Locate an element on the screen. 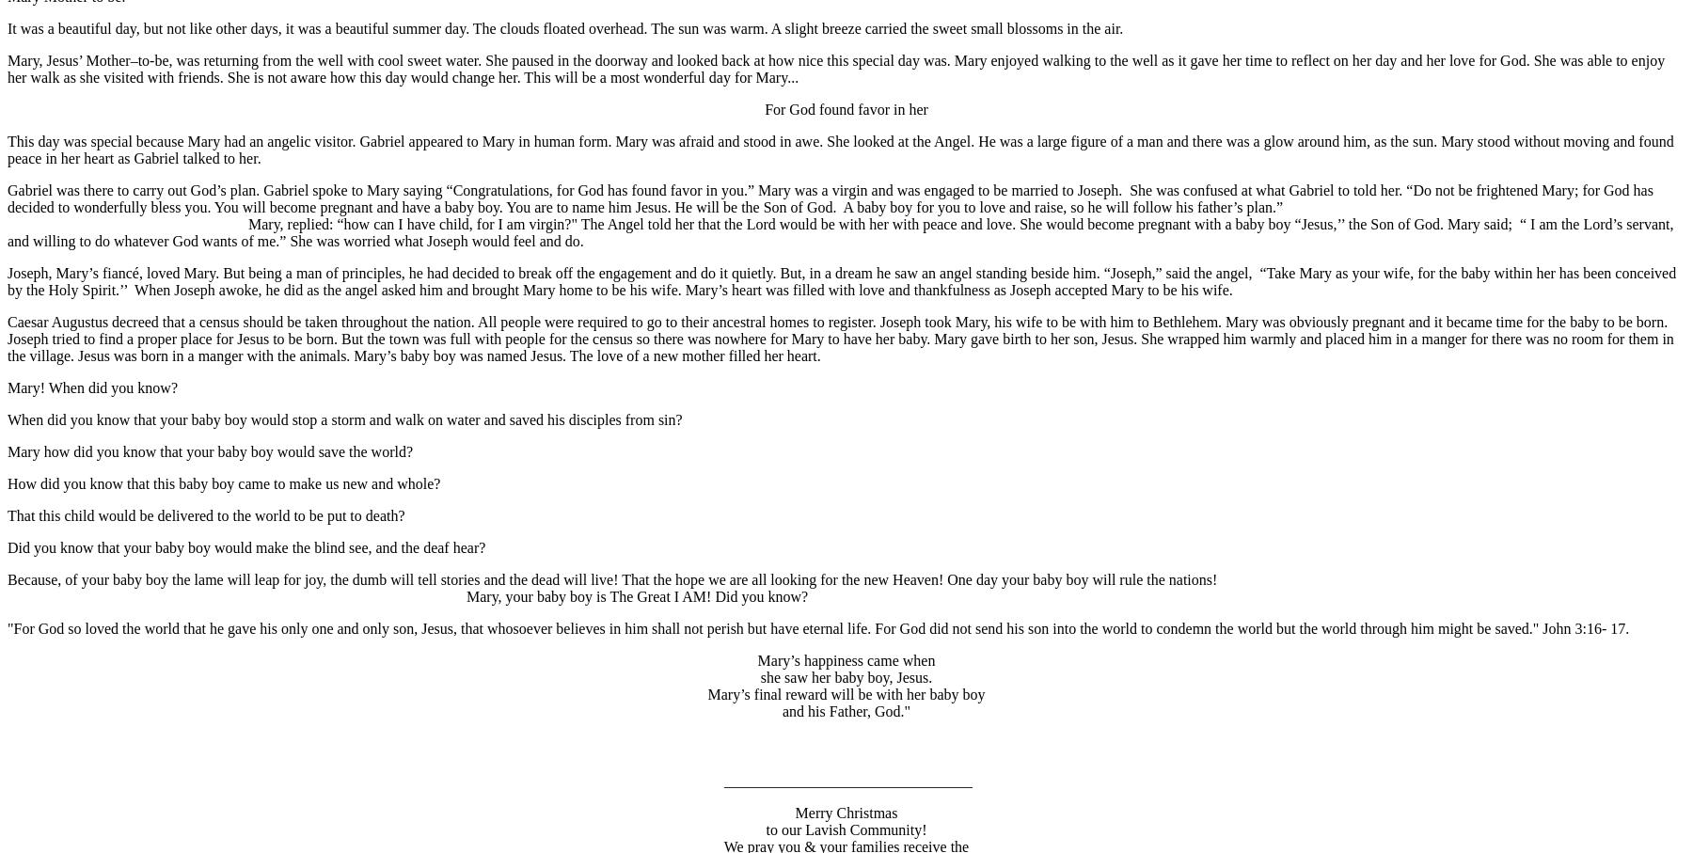  'Caesar Augustus decreed that a census should be taken throughout the nation. All people were required to go to their ancestral homes to register. Joseph took Mary, his wife to be with him to Bethlehem. Mary was obviously pregnant and it became time for the baby to be born. Joseph tried to find a proper place for Jesus to be born. But the town was full with people for the census so there was nowhere for Mary to have her baby. Mary gave birth to her son, Jesus. She wrapped him warmly and placed him in a manger for there was no room for them in the village. Jesus was born in a manger with the animals. Mary’s baby boy was named Jesus. The love of a new mother filled her heart.' is located at coordinates (840, 337).